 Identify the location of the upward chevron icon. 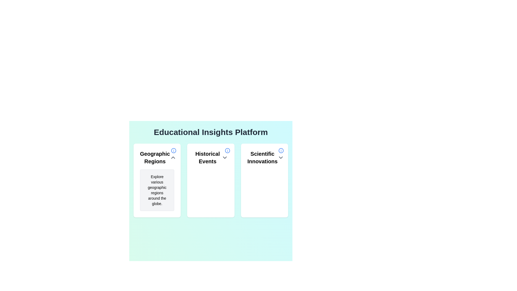
(173, 158).